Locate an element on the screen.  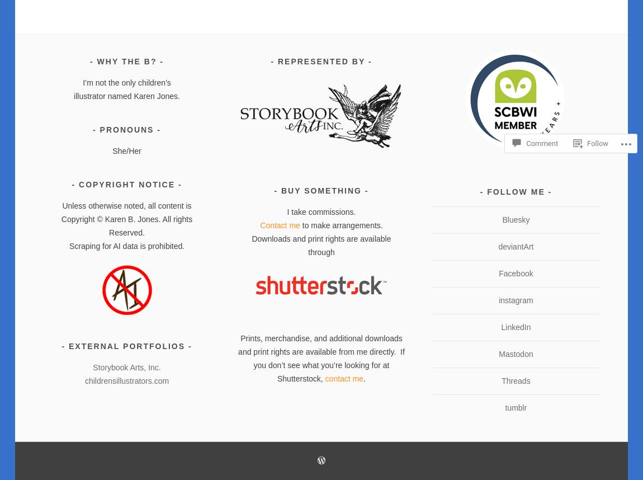
'Prints, merchandise, and additional downloads and print rights are available from me directly.  If you don’t see what you’re looking for at Shutterstock,' is located at coordinates (238, 357).